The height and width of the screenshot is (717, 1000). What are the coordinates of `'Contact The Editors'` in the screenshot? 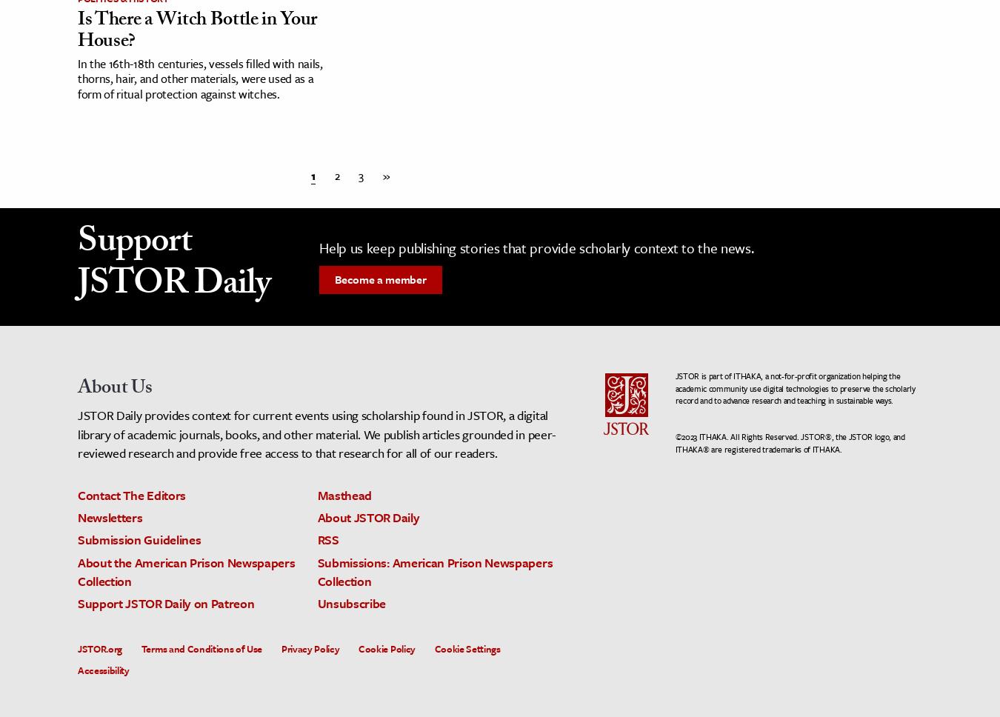 It's located at (131, 495).